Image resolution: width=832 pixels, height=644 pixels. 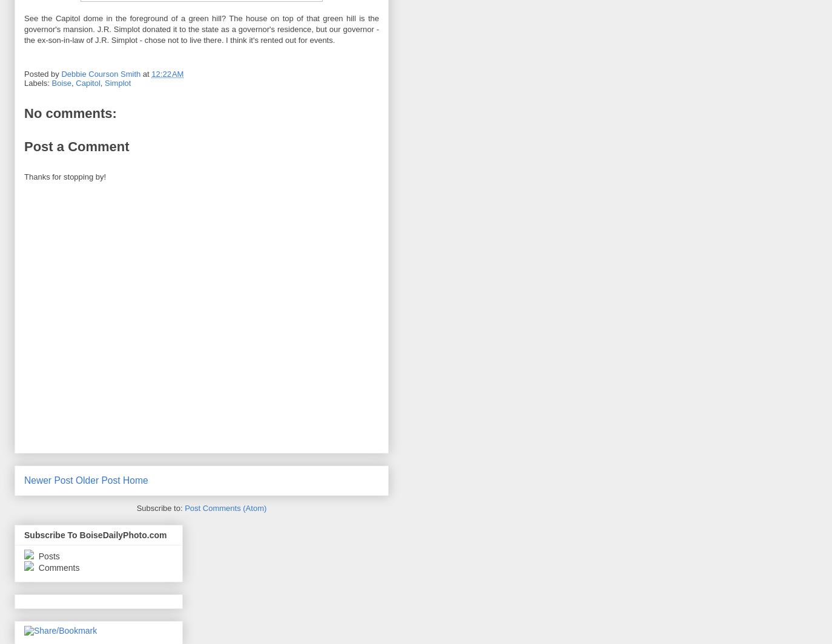 What do you see at coordinates (134, 480) in the screenshot?
I see `'Home'` at bounding box center [134, 480].